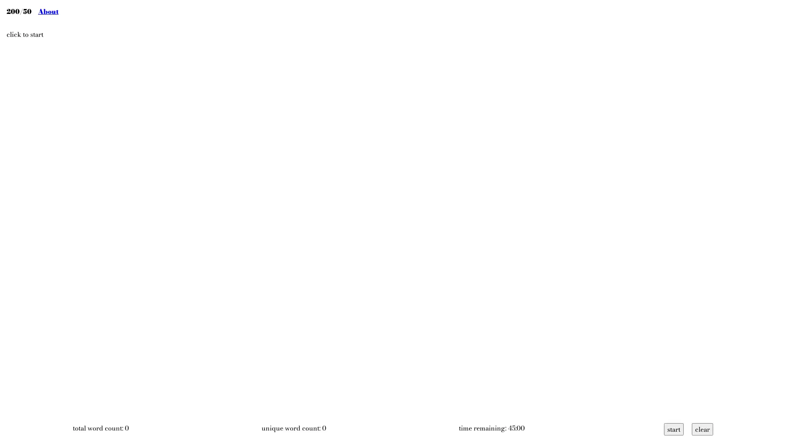 The image size is (786, 442). What do you see at coordinates (674, 429) in the screenshot?
I see `start` at bounding box center [674, 429].